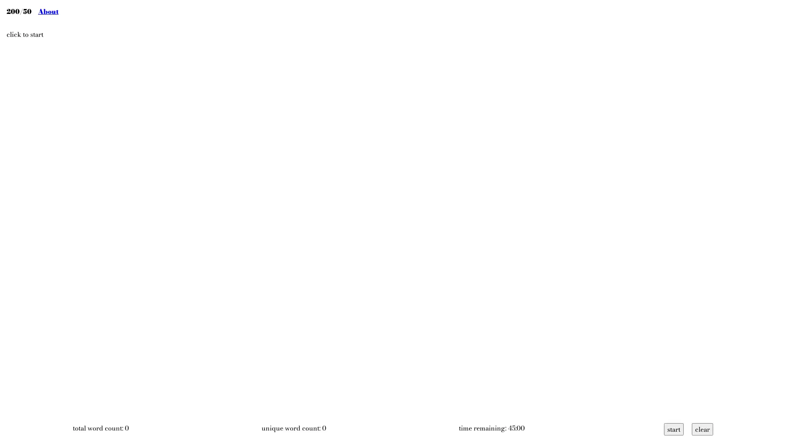 The image size is (786, 442). What do you see at coordinates (674, 429) in the screenshot?
I see `start` at bounding box center [674, 429].